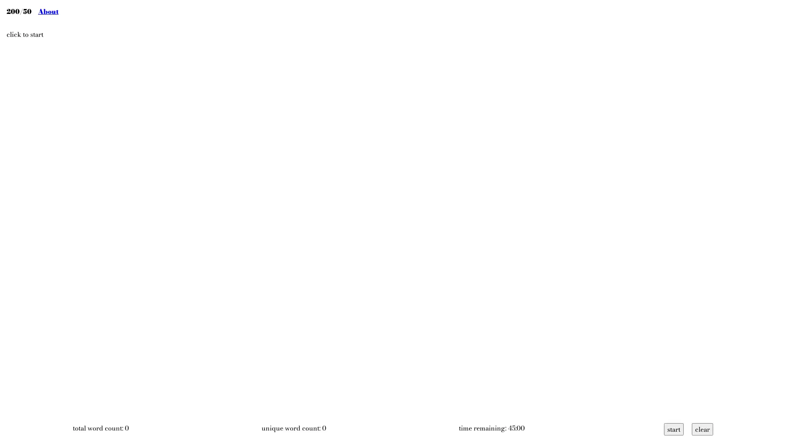 The image size is (786, 442). What do you see at coordinates (674, 429) in the screenshot?
I see `start` at bounding box center [674, 429].